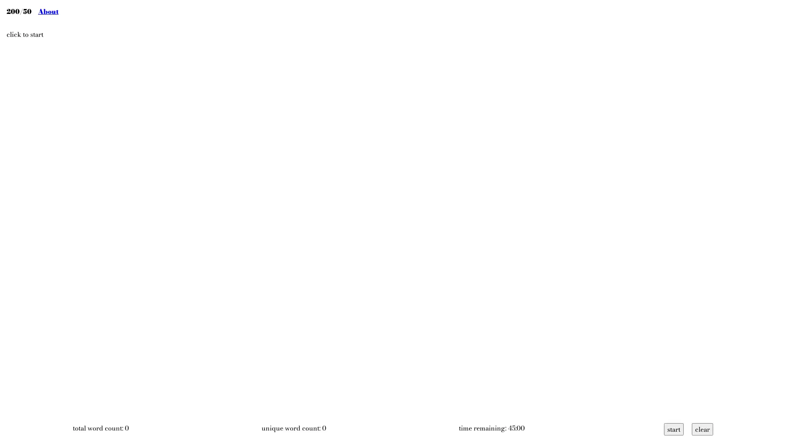 The image size is (786, 442). What do you see at coordinates (674, 429) in the screenshot?
I see `start` at bounding box center [674, 429].